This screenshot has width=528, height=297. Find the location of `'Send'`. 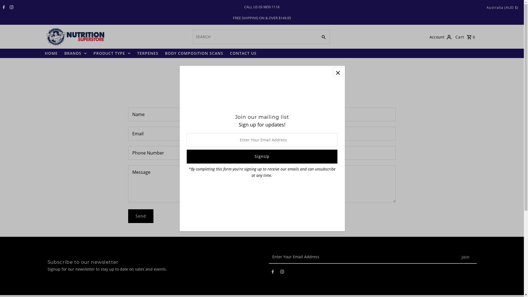

'Send' is located at coordinates (141, 216).